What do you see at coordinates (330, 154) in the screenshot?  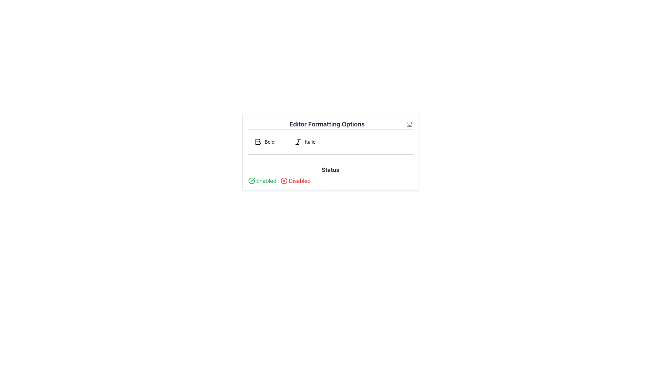 I see `the Separator Line located between the 'Bold' and 'Italic' buttons and the 'Status' section` at bounding box center [330, 154].